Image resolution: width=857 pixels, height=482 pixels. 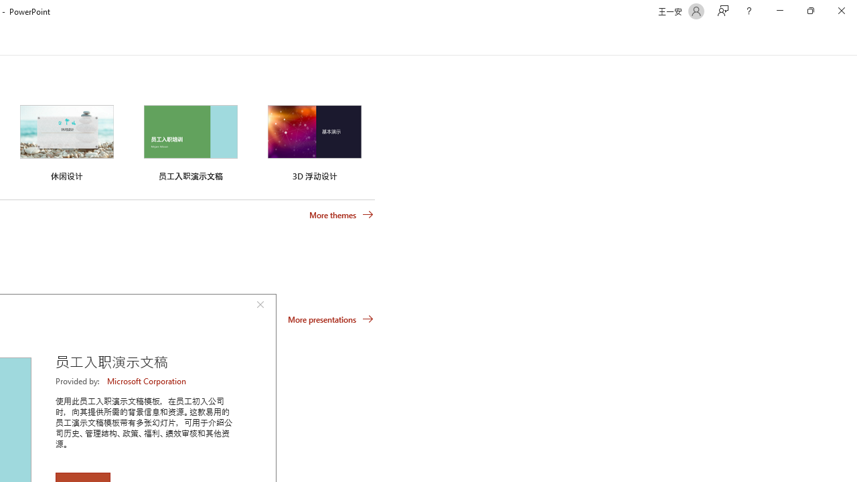 I want to click on 'Close', so click(x=840, y=11).